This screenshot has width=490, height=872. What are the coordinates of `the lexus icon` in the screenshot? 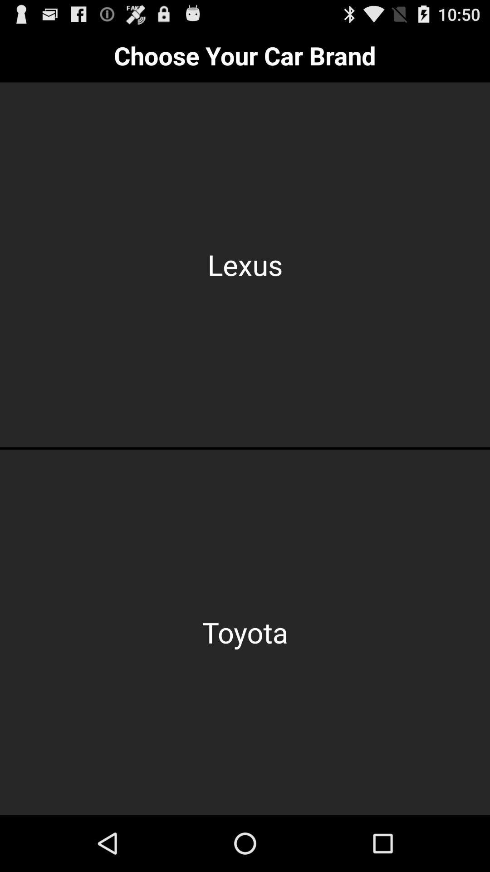 It's located at (245, 264).